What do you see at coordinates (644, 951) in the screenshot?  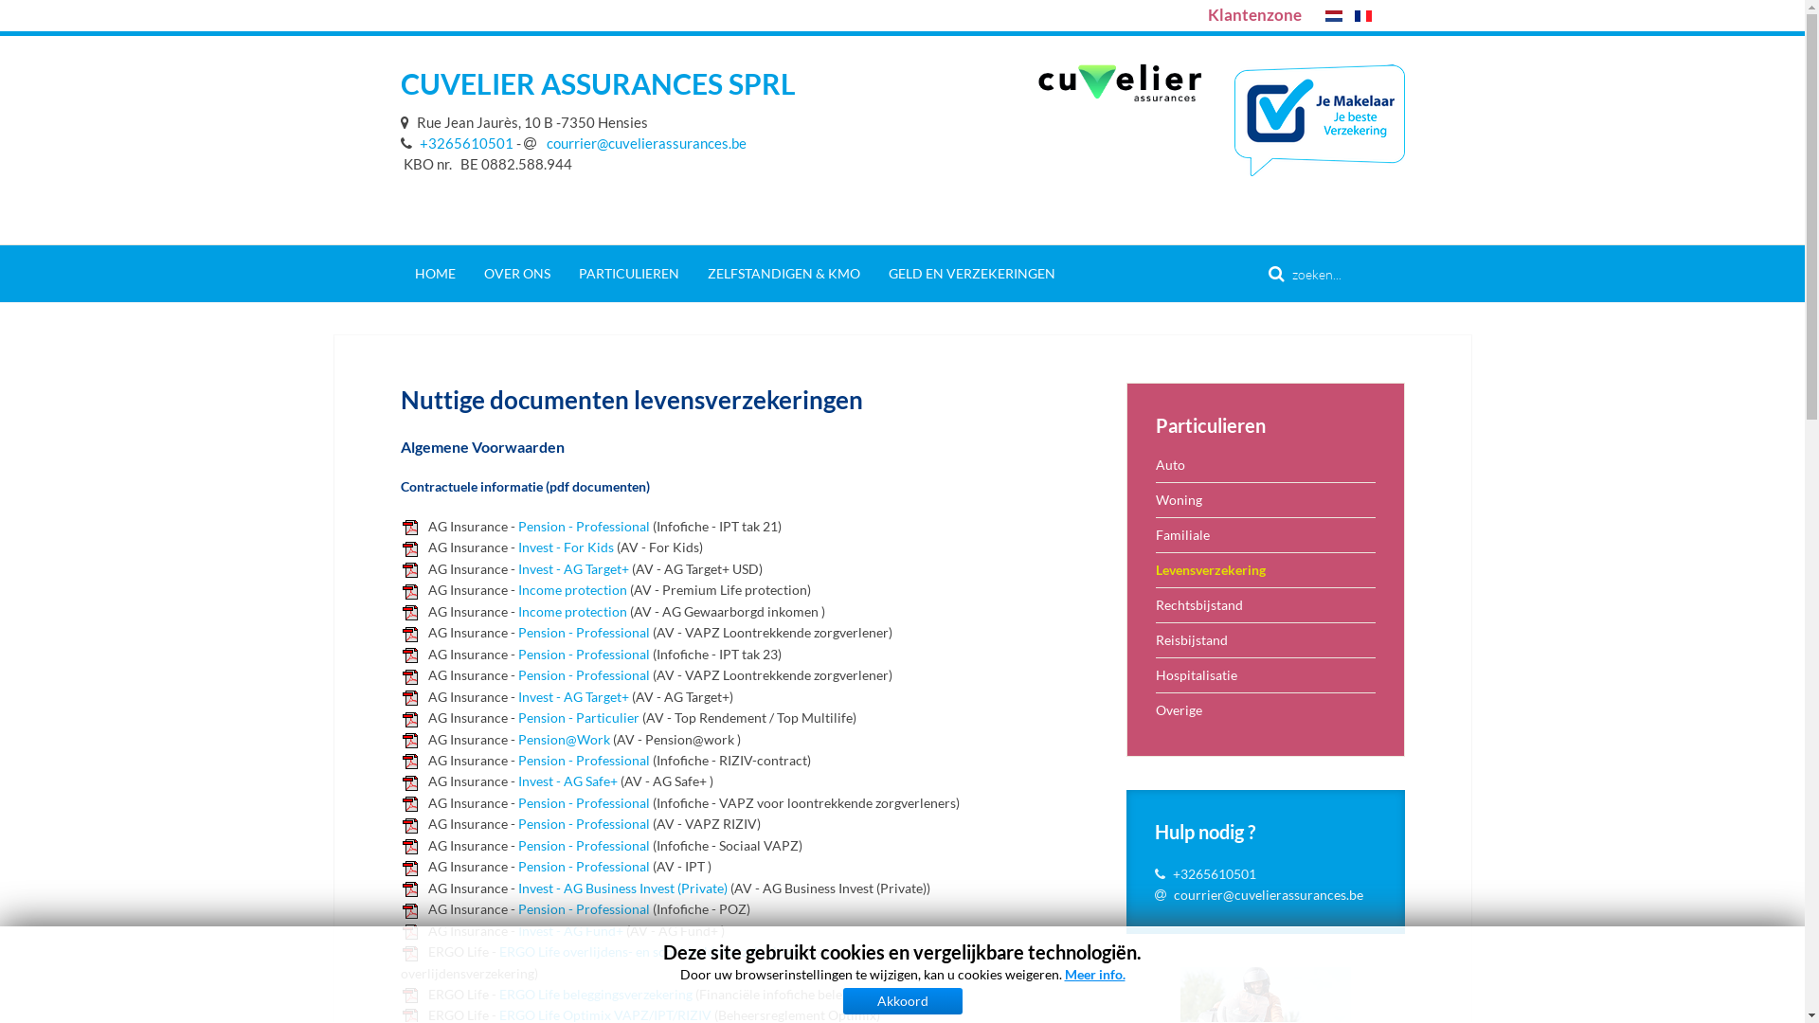 I see `'ERGO Life overlijdens- en schuldsaldoverzekering'` at bounding box center [644, 951].